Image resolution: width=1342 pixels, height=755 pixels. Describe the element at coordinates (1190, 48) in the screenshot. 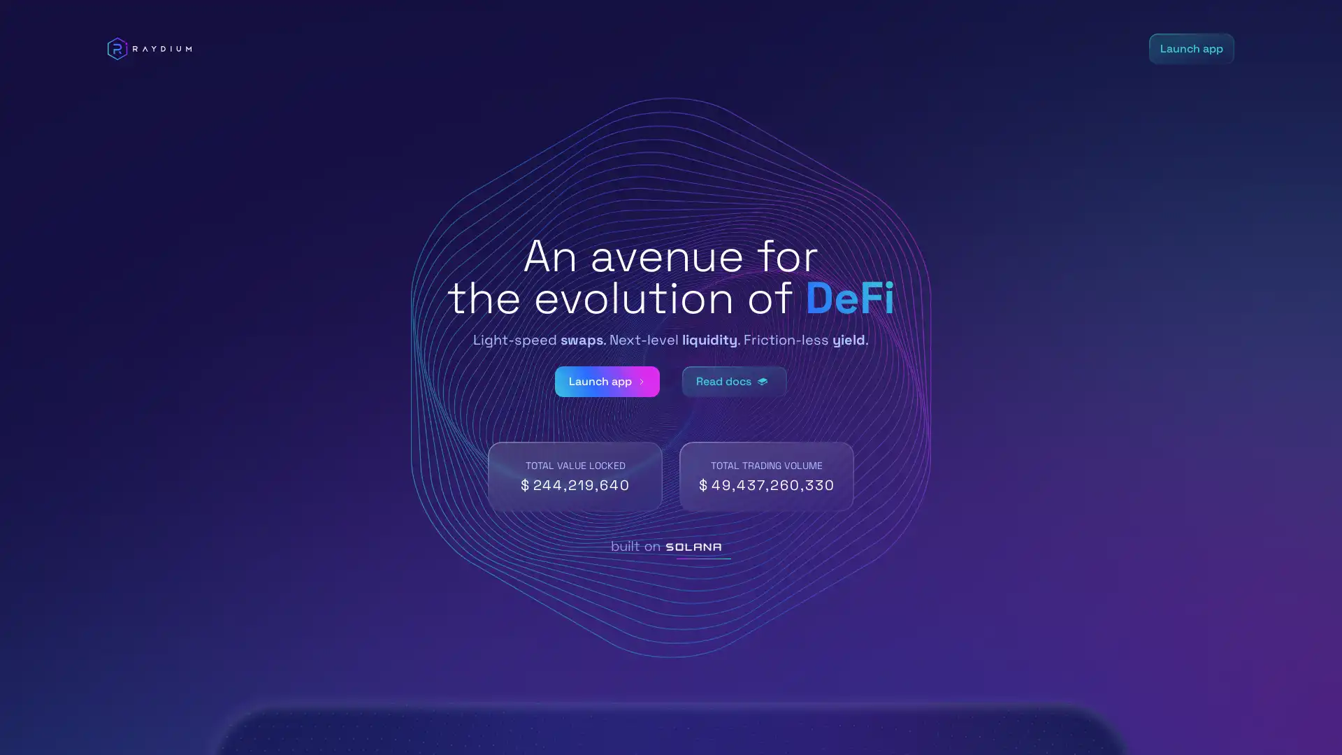

I see `Launch app` at that location.